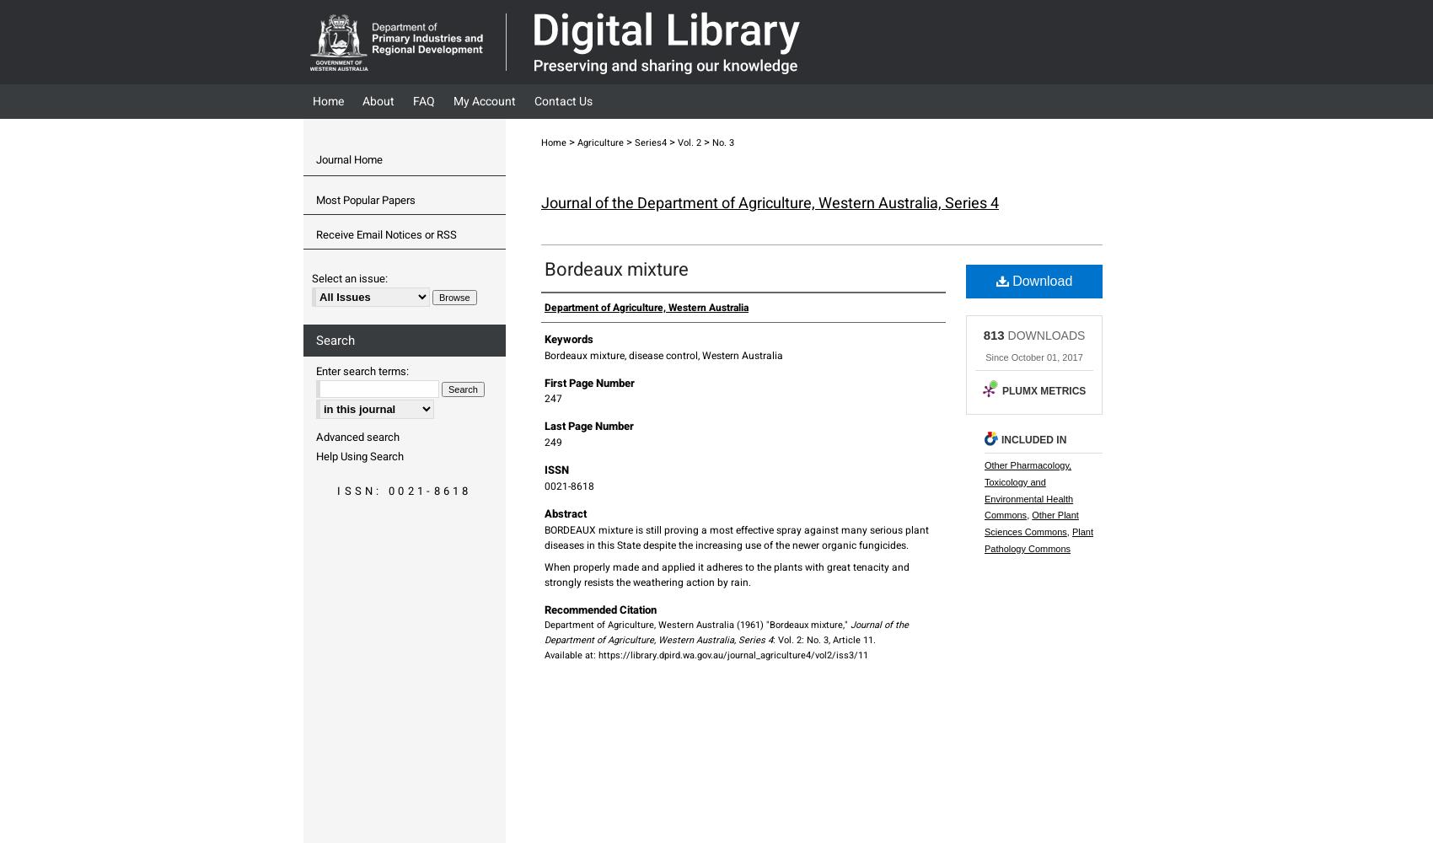 The width and height of the screenshot is (1433, 843). I want to click on '247', so click(553, 398).